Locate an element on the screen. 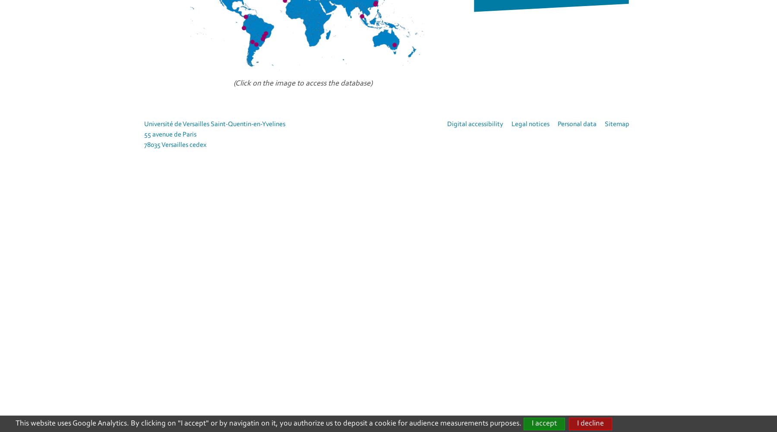 The image size is (777, 432). 'I decline' is located at coordinates (576, 423).